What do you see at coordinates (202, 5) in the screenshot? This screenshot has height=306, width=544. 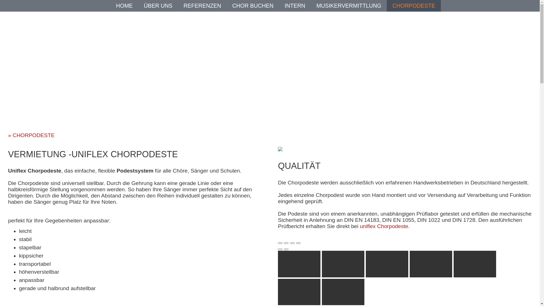 I see `'REFERENZEN'` at bounding box center [202, 5].